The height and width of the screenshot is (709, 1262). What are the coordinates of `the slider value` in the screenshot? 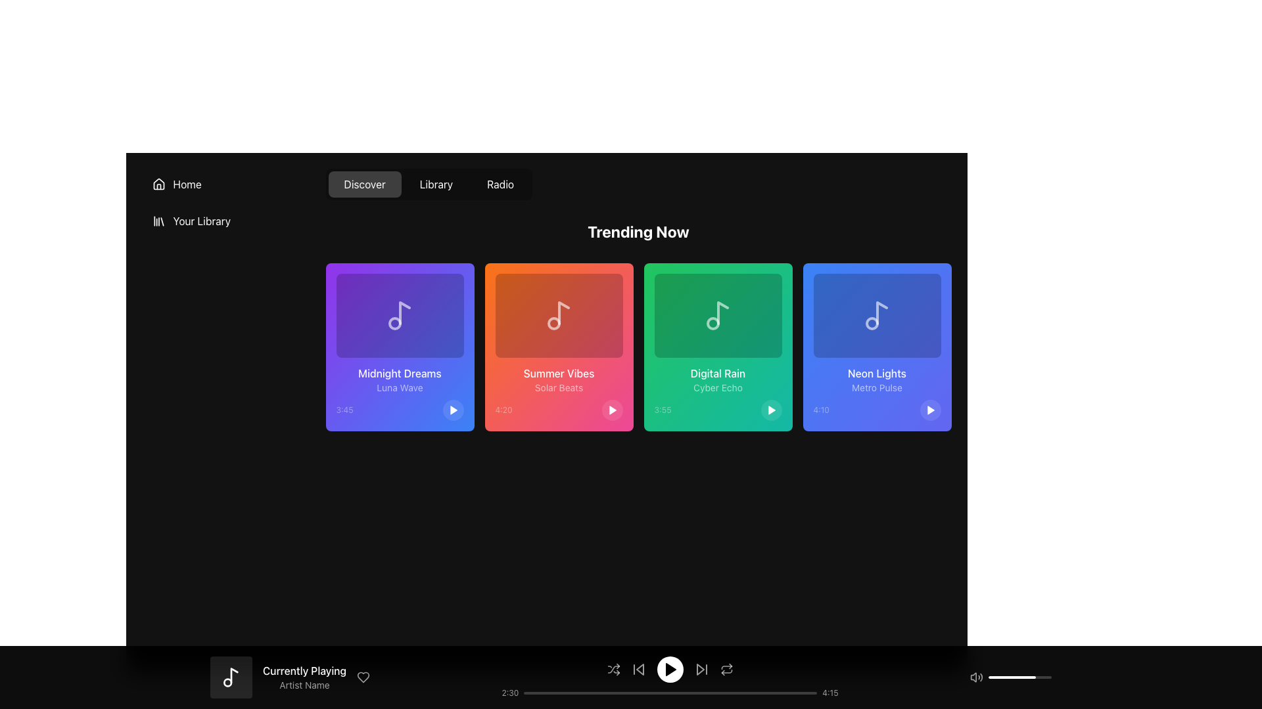 It's located at (1037, 677).